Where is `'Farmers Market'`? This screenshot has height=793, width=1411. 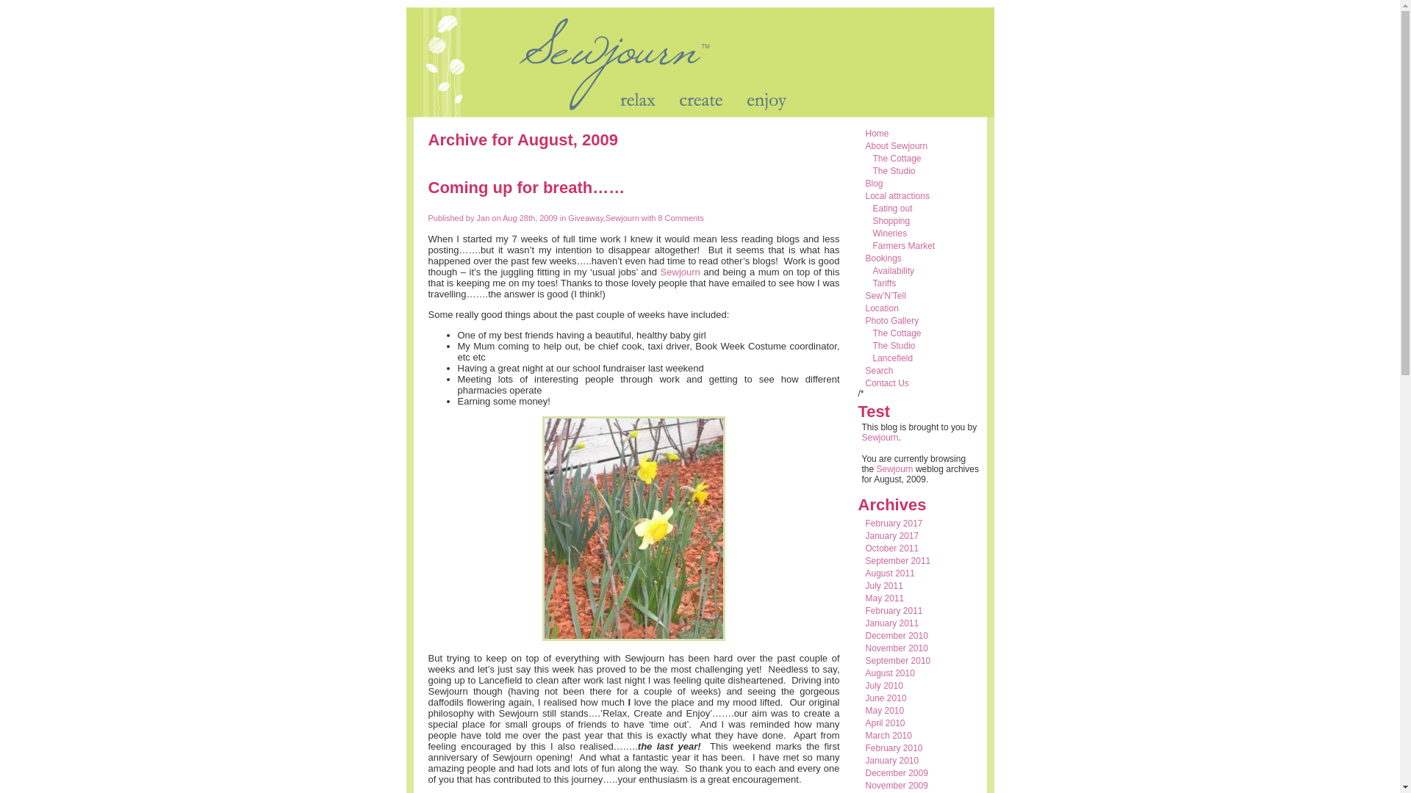 'Farmers Market' is located at coordinates (903, 245).